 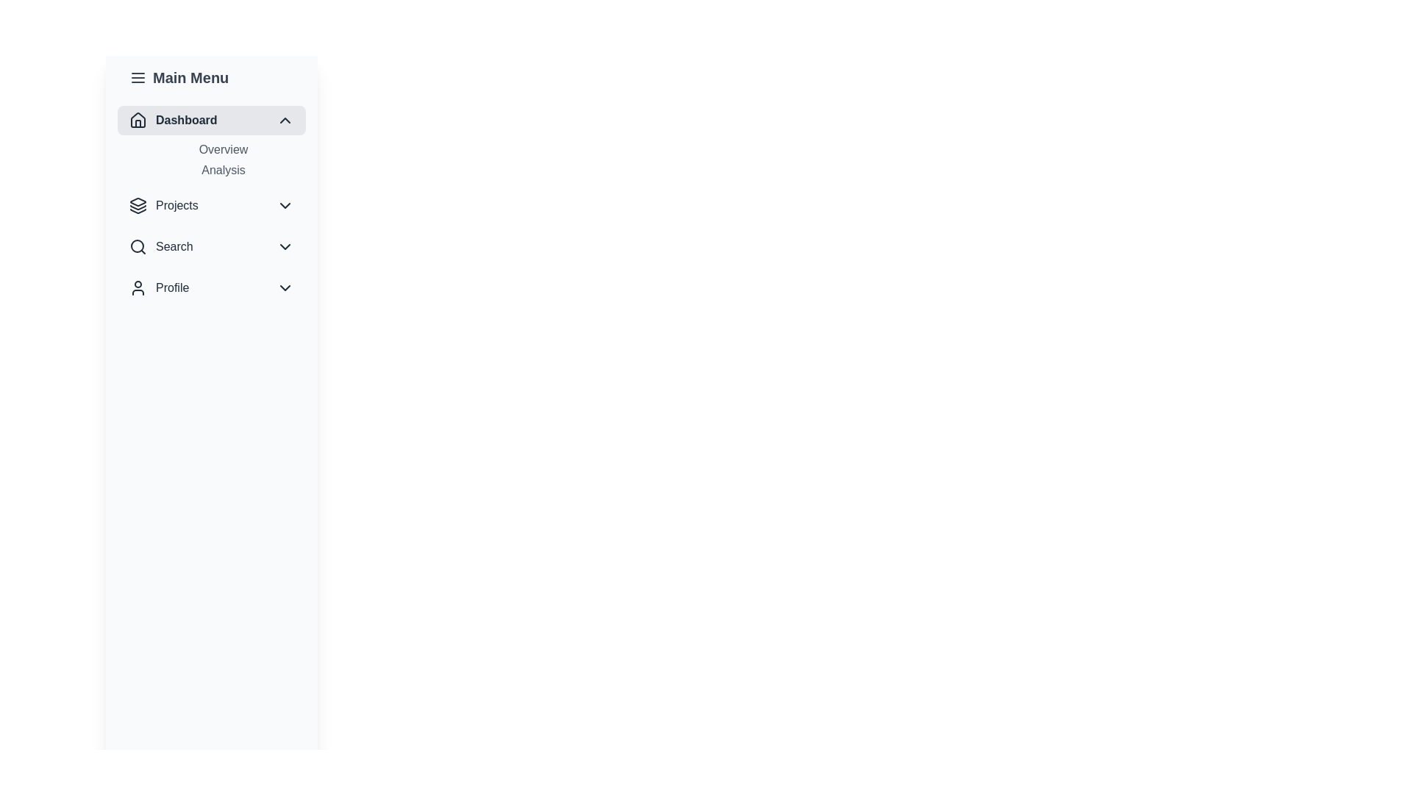 What do you see at coordinates (138, 120) in the screenshot?
I see `the Dashboard icon located in the left sidebar, adjacent to the 'Dashboard' text` at bounding box center [138, 120].